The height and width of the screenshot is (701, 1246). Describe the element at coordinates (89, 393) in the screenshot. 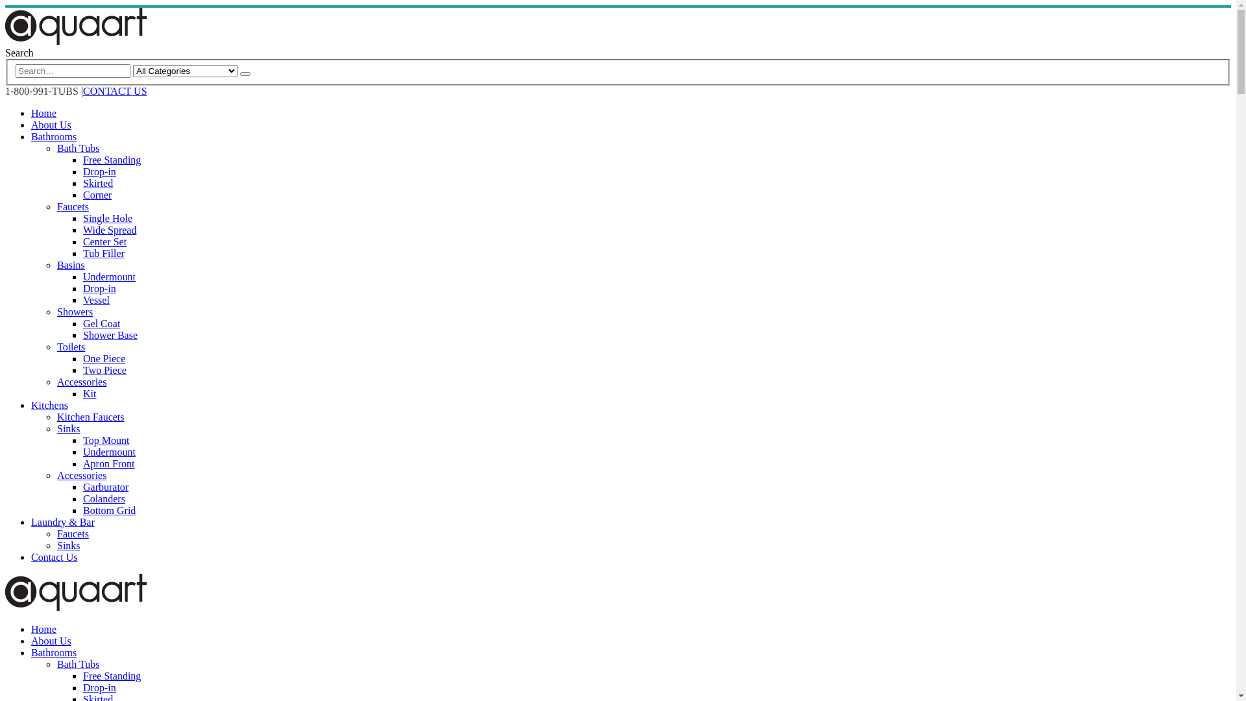

I see `'Kit'` at that location.